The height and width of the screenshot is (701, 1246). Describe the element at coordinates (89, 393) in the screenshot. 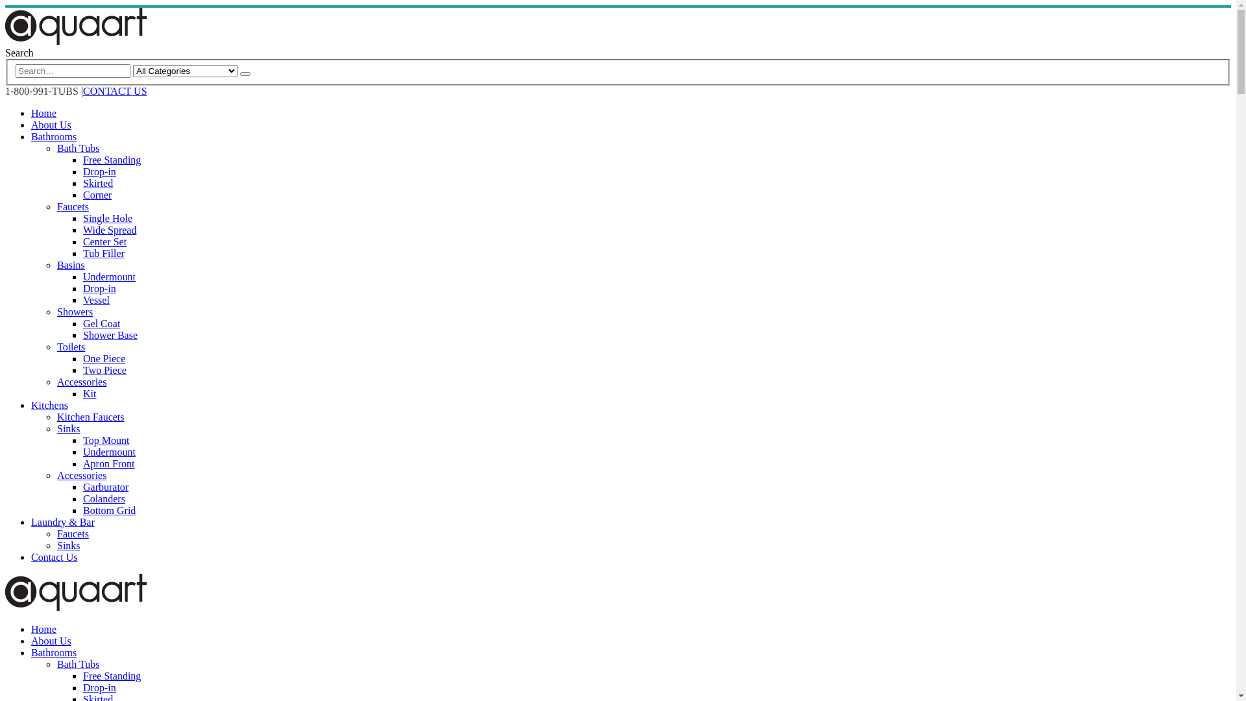

I see `'Kit'` at that location.